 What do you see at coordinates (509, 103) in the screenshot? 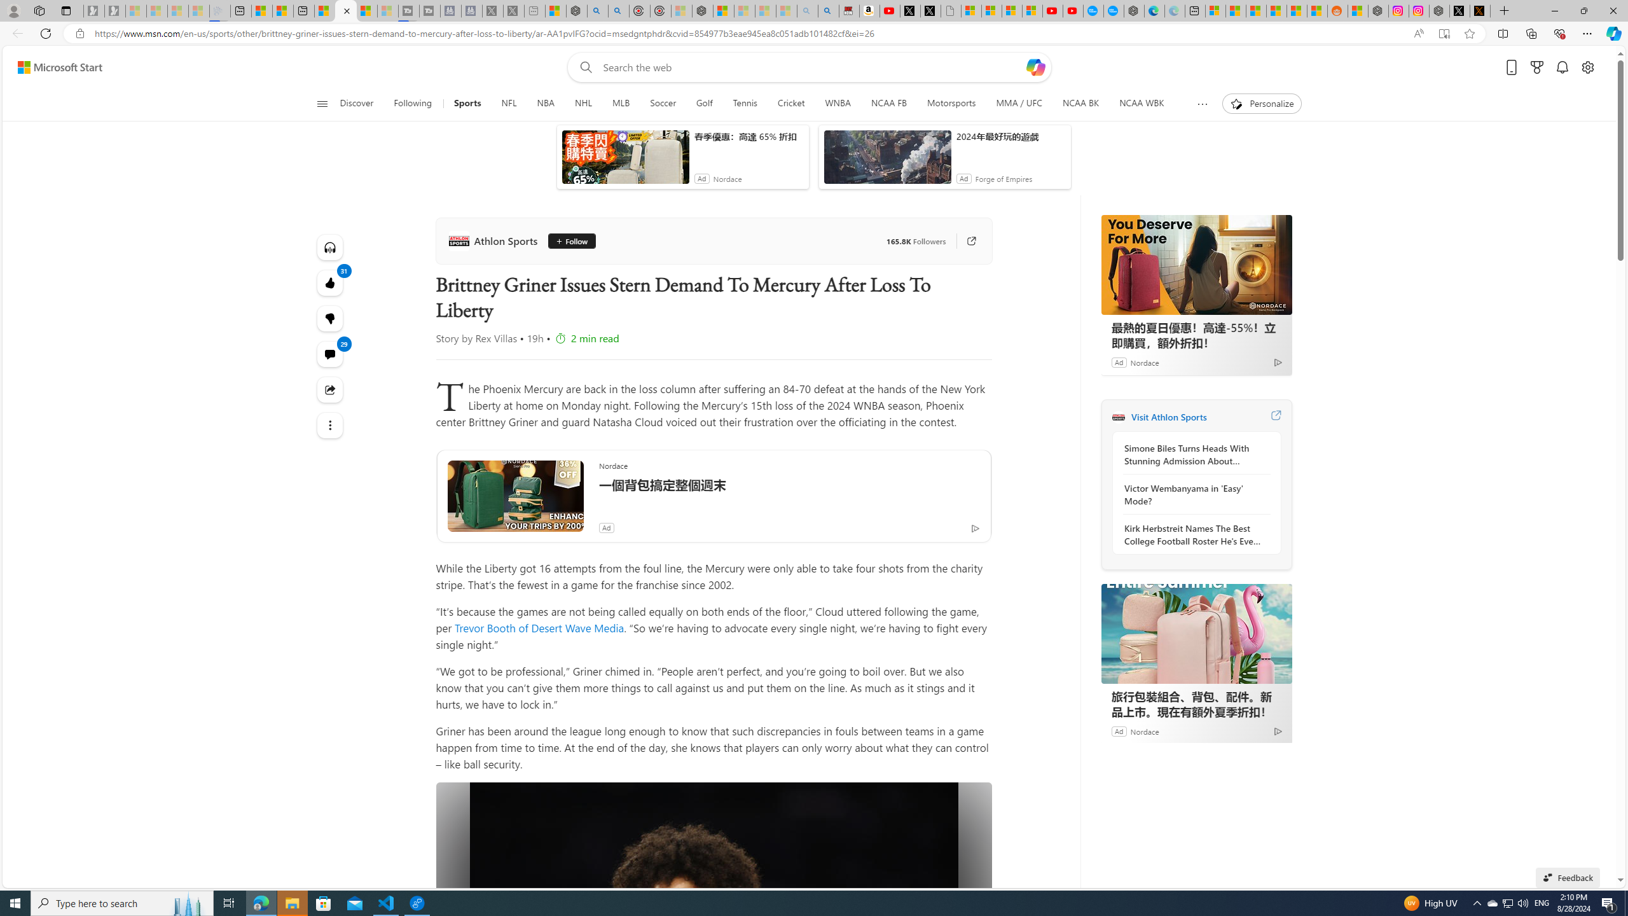
I see `'NFL'` at bounding box center [509, 103].